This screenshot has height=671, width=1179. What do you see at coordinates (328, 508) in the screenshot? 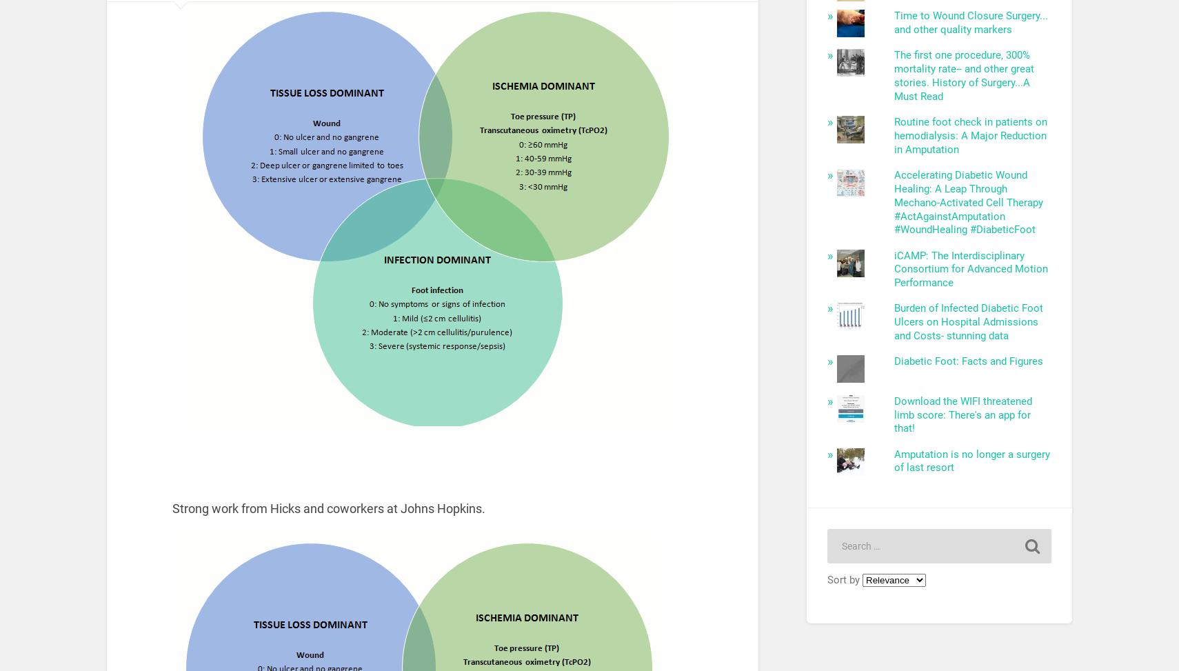
I see `'Strong work from Hicks and coworkers at Johns Hopkins.'` at bounding box center [328, 508].